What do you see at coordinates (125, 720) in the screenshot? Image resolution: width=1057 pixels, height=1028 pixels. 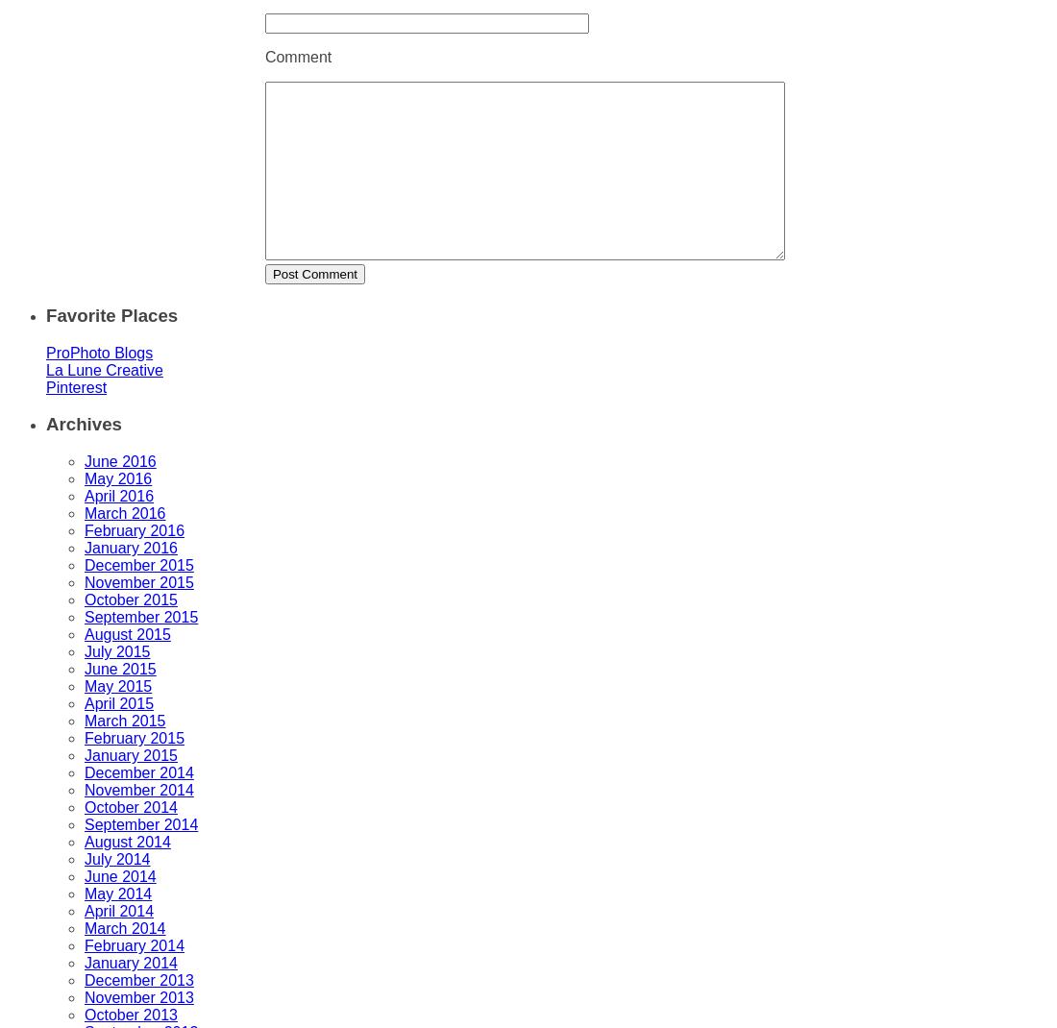 I see `'March 2015'` at bounding box center [125, 720].